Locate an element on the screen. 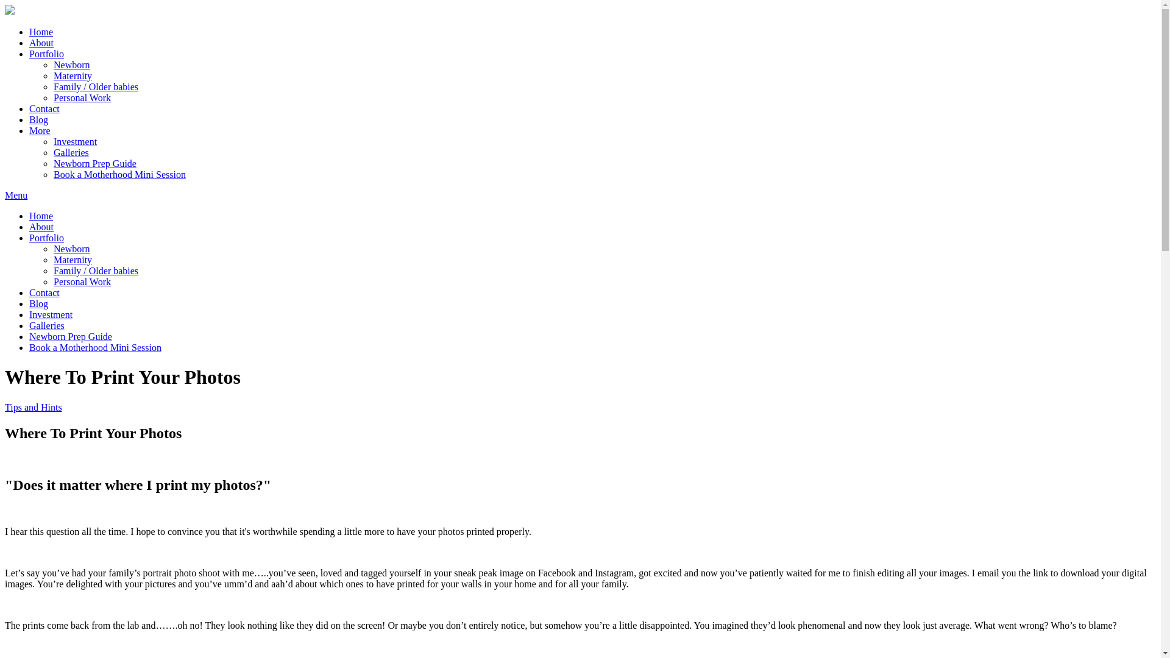 The width and height of the screenshot is (1170, 658). 'Blog' is located at coordinates (38, 303).